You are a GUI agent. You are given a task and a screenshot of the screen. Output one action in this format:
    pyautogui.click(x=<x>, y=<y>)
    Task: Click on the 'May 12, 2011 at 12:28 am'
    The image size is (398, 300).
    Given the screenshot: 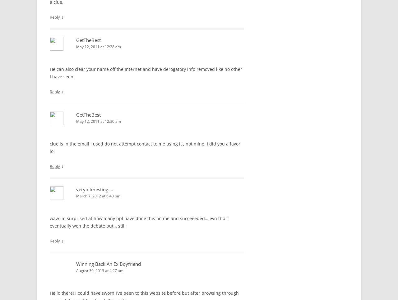 What is the action you would take?
    pyautogui.click(x=98, y=46)
    